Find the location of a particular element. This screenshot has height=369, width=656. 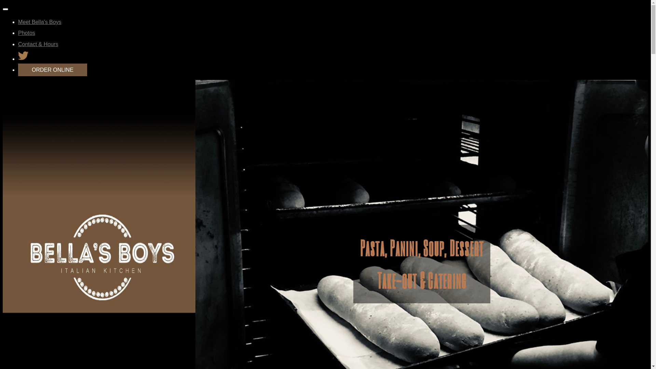

'Meet Bella's Boys' is located at coordinates (39, 22).